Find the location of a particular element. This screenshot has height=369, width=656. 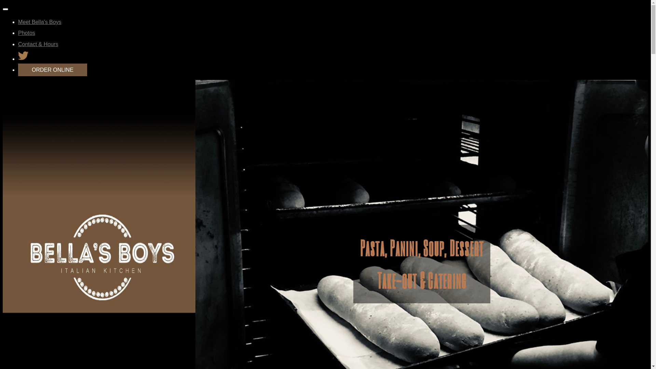

'Meet Bella's Boys' is located at coordinates (39, 22).